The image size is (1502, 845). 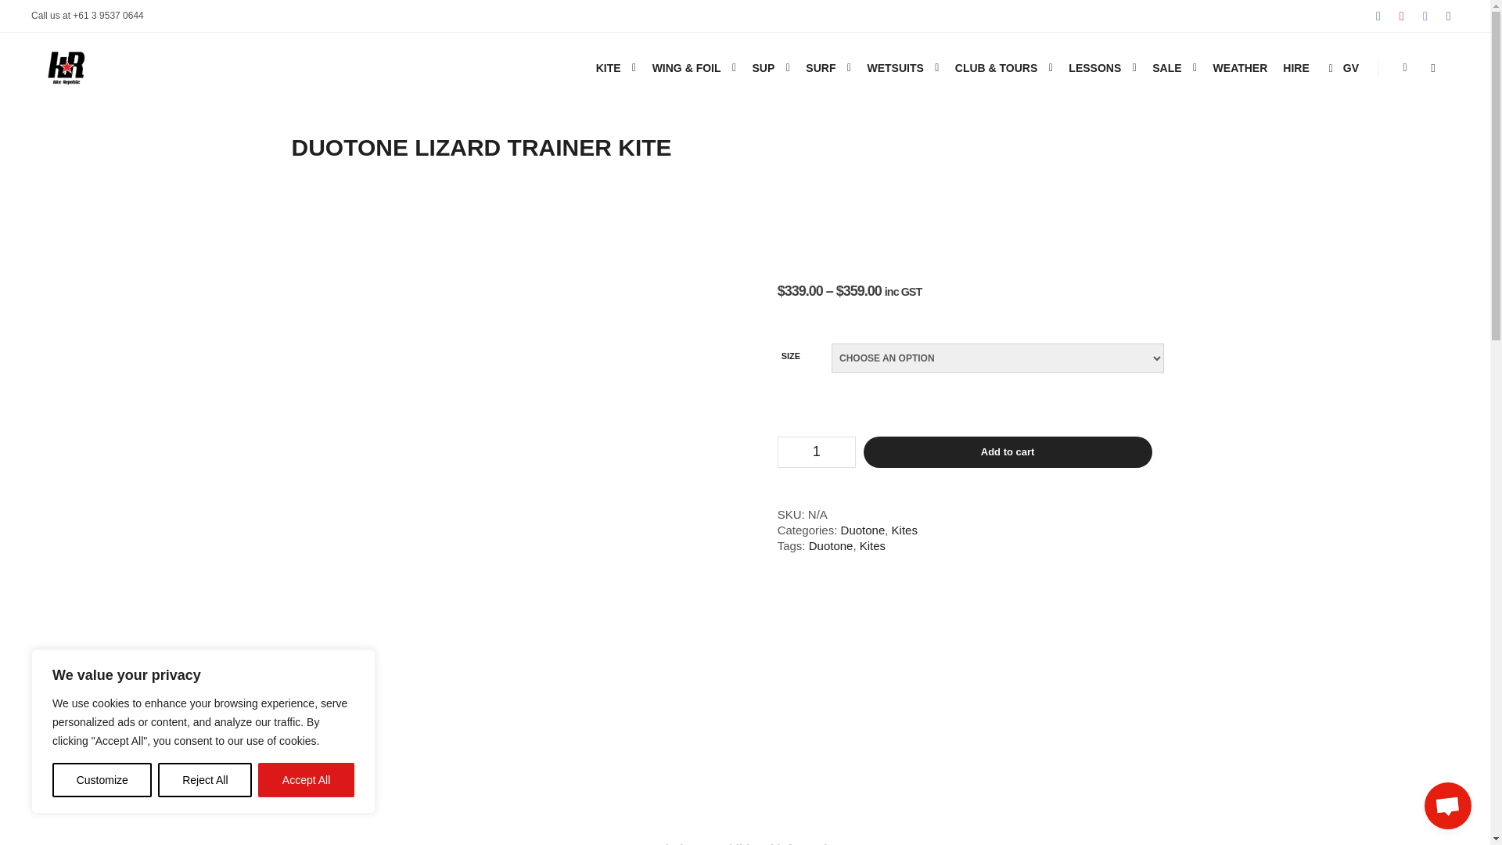 I want to click on 'Shop sidebar', so click(x=1404, y=67).